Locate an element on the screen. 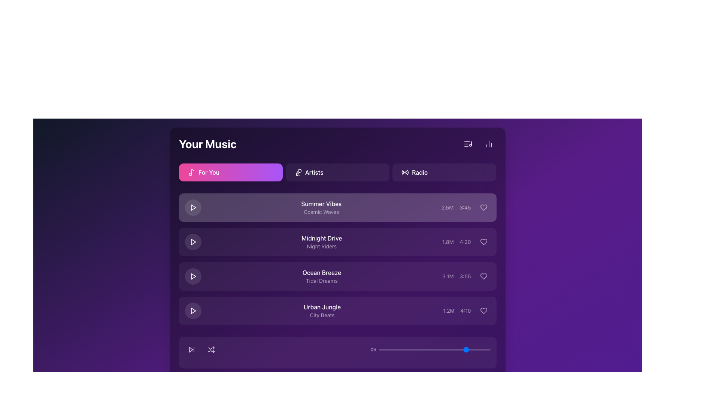 Image resolution: width=719 pixels, height=404 pixels. the Media control bar located at the bottom of the music-themed panel is located at coordinates (337, 349).